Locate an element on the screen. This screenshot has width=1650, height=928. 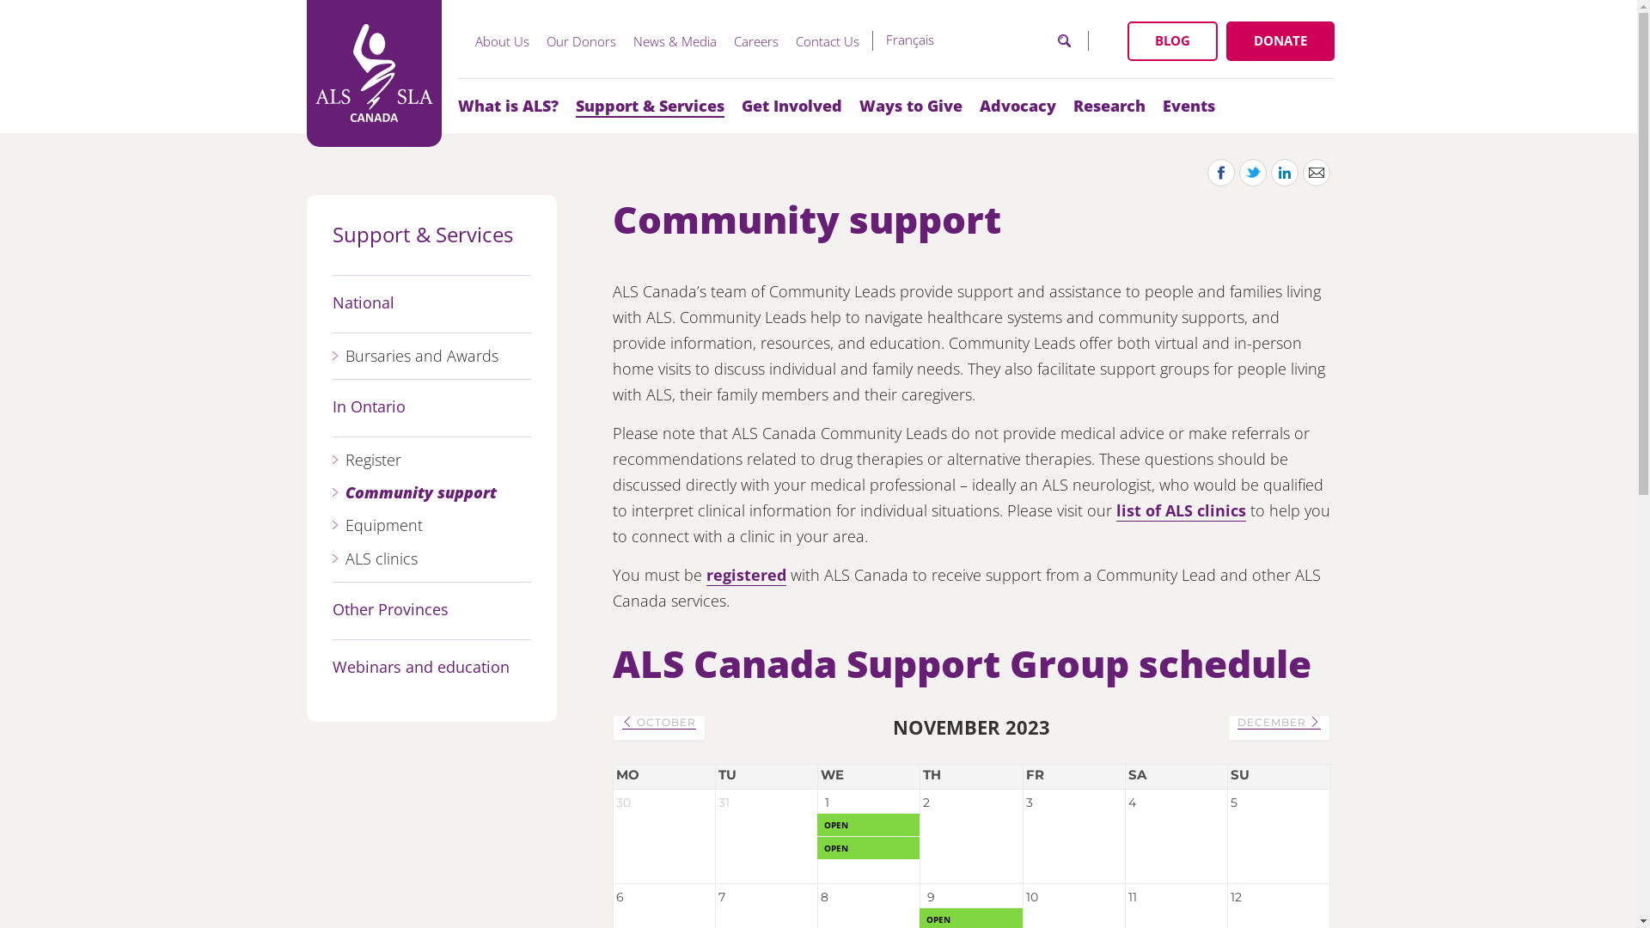
'Equipment' is located at coordinates (382, 525).